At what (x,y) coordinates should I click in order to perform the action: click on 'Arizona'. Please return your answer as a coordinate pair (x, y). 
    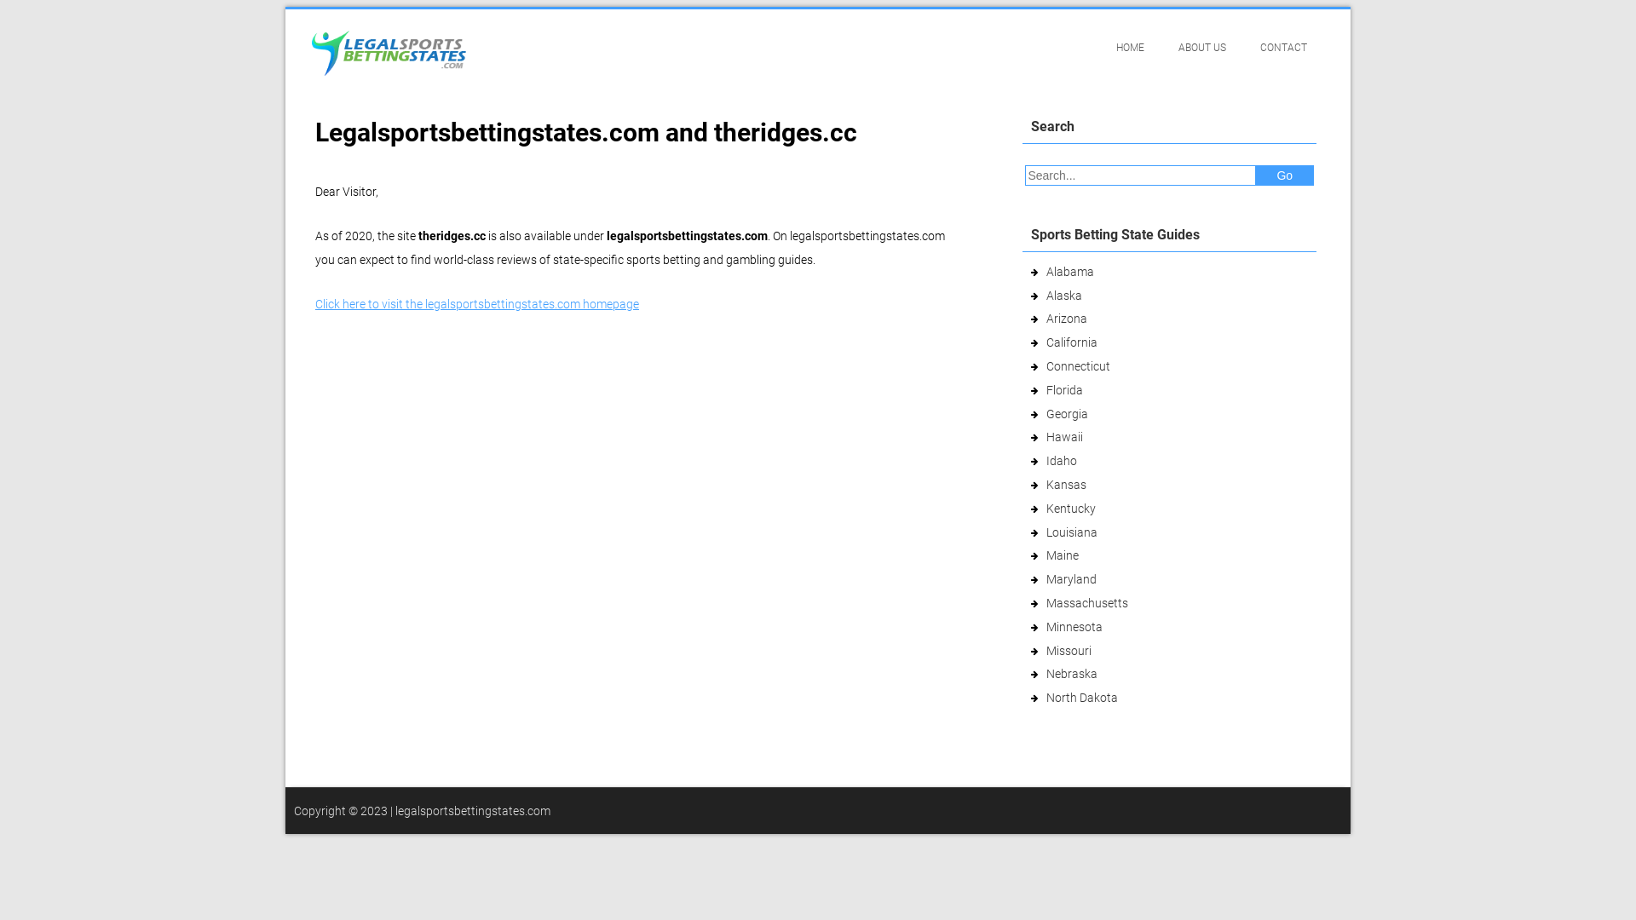
    Looking at the image, I should click on (1046, 319).